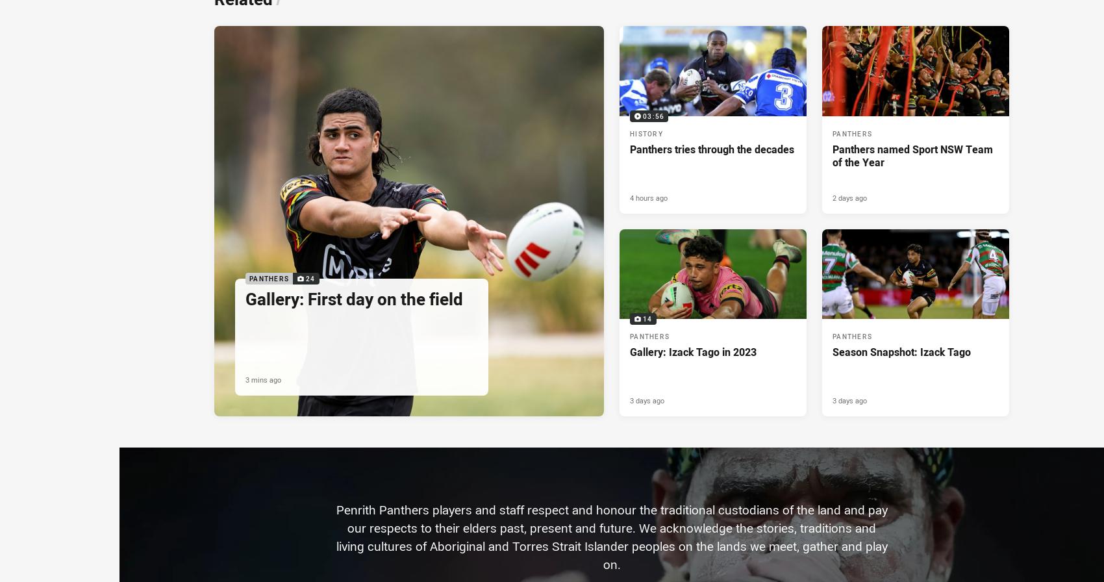 This screenshot has height=582, width=1104. What do you see at coordinates (353, 298) in the screenshot?
I see `'Gallery: First day on the field'` at bounding box center [353, 298].